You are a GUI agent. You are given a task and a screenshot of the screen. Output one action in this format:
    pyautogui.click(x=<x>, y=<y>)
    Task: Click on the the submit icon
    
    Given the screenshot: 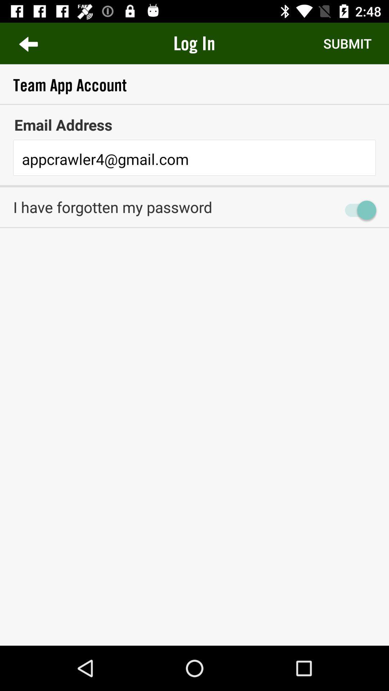 What is the action you would take?
    pyautogui.click(x=347, y=43)
    